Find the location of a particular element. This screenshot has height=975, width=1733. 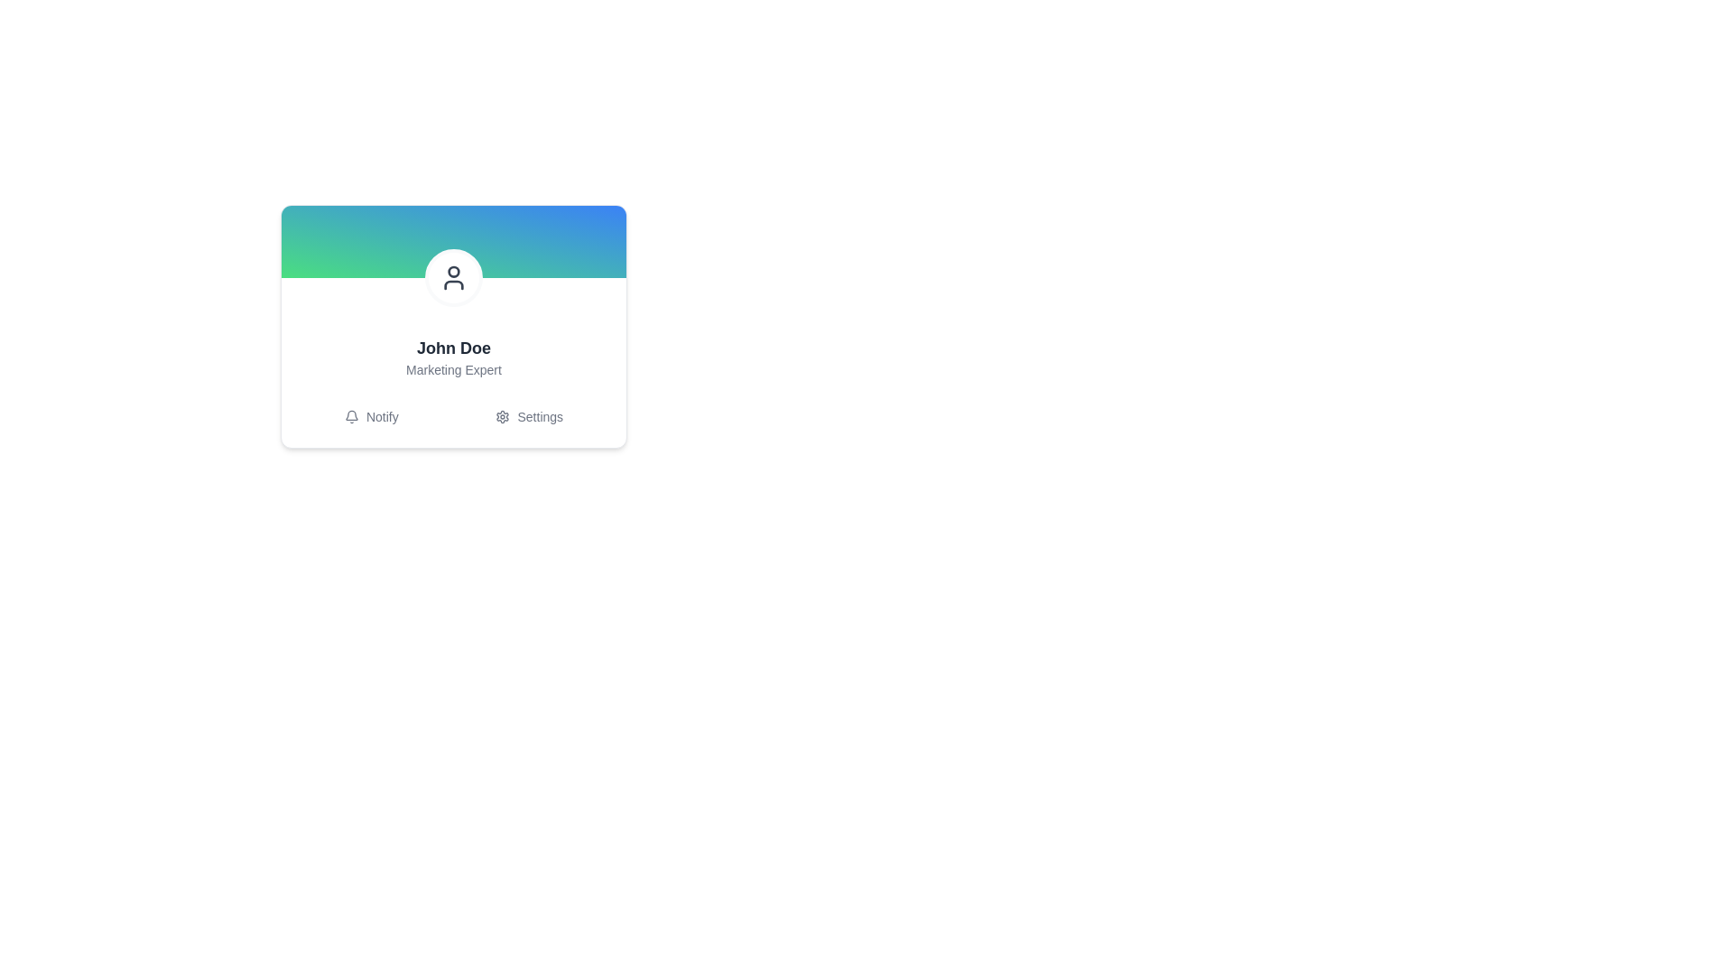

the bell-shaped notification icon located near the 'Notify' label at the bottom left of the card interface is located at coordinates (351, 415).